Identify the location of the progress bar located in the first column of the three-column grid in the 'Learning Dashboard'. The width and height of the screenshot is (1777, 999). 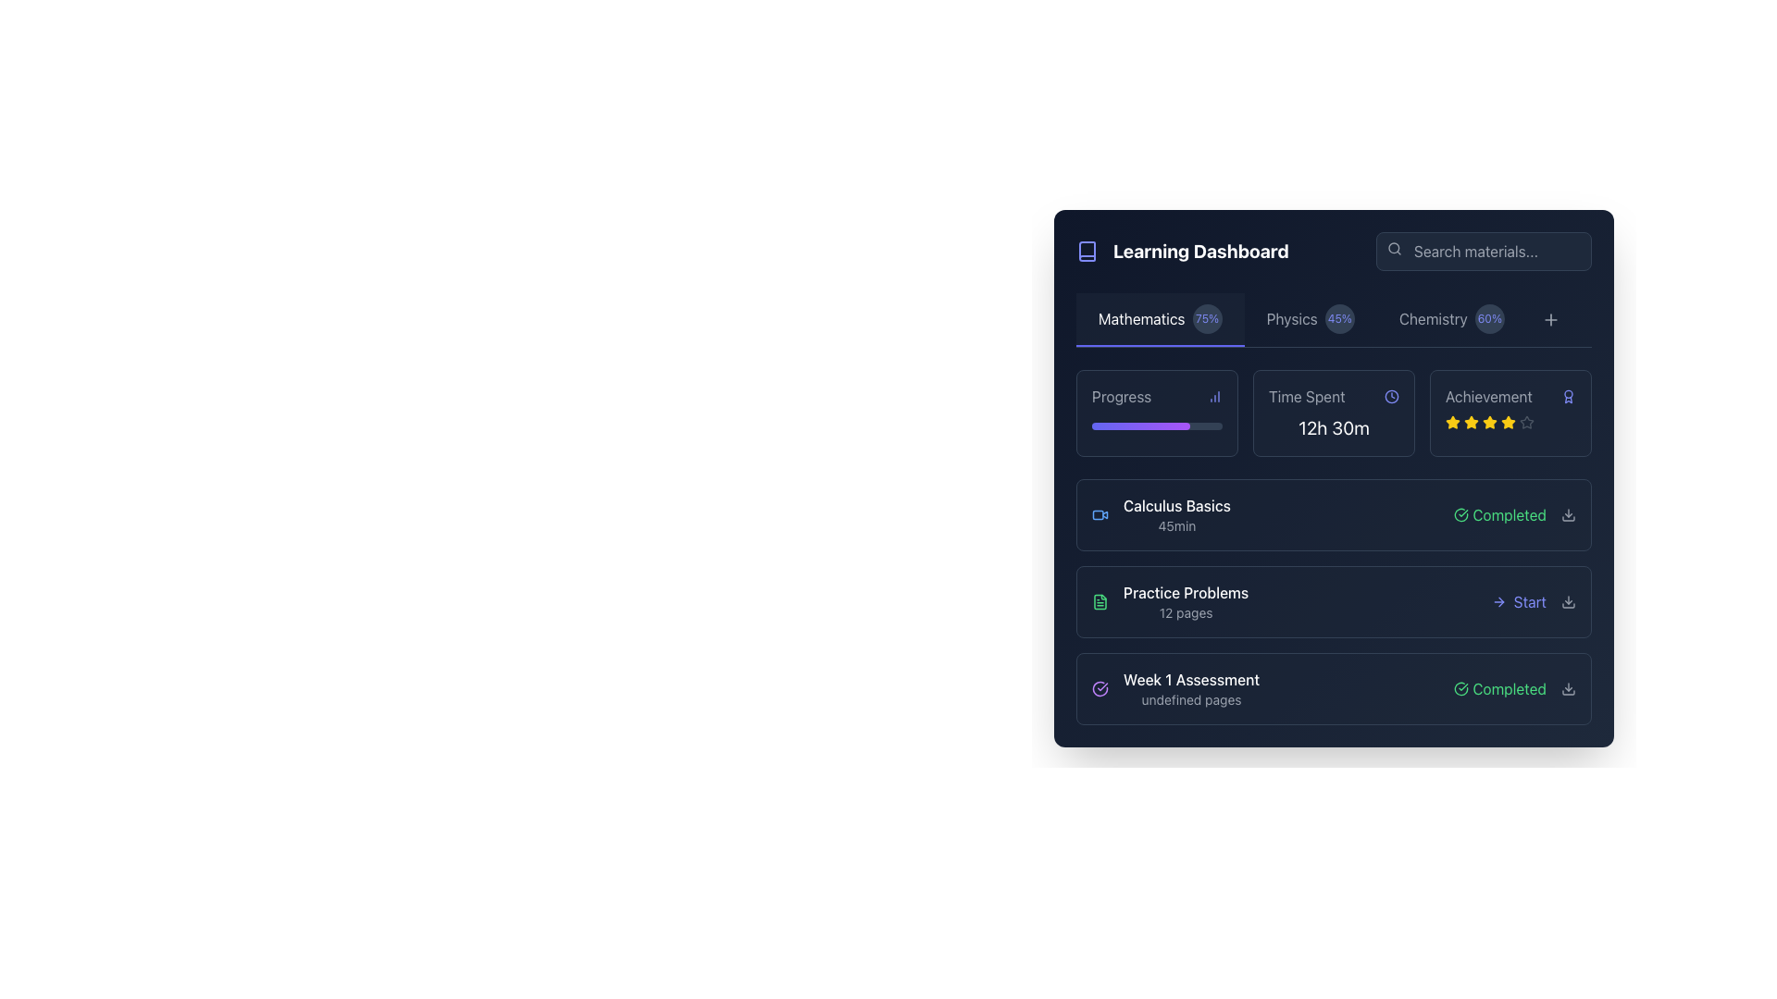
(1156, 413).